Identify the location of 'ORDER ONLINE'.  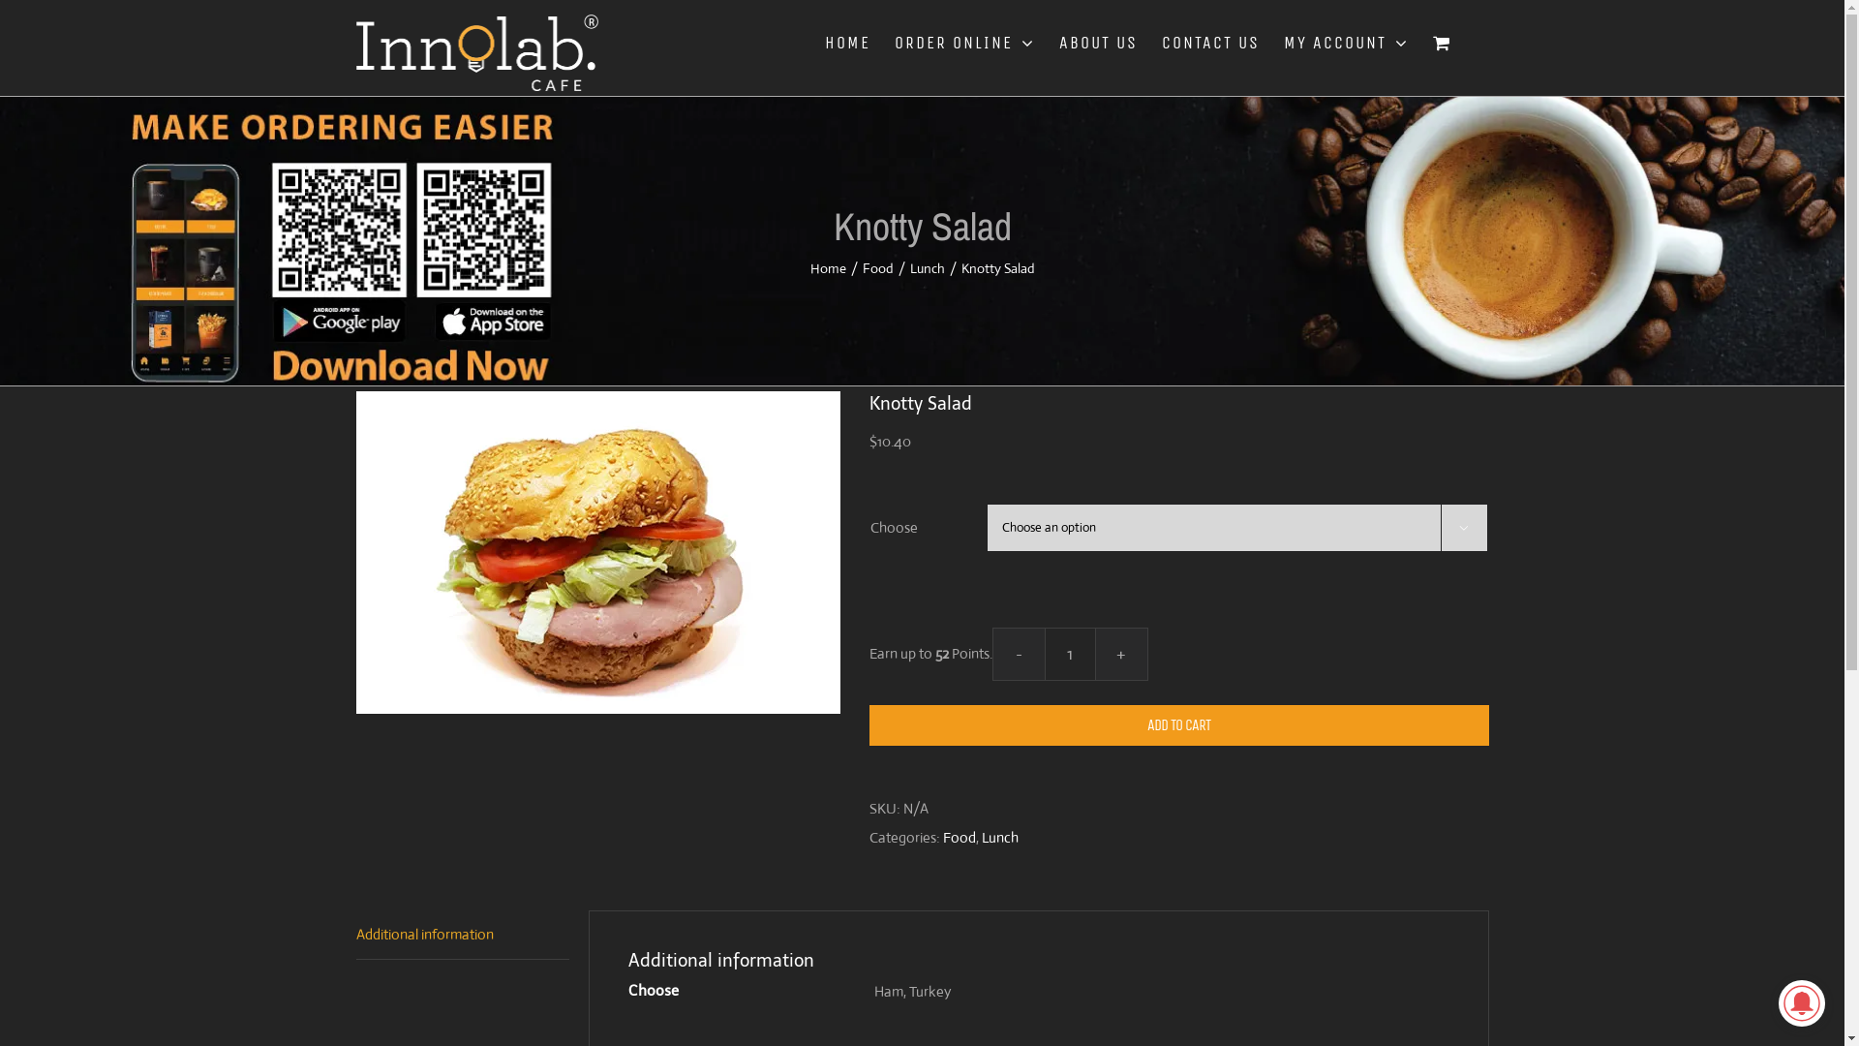
(894, 42).